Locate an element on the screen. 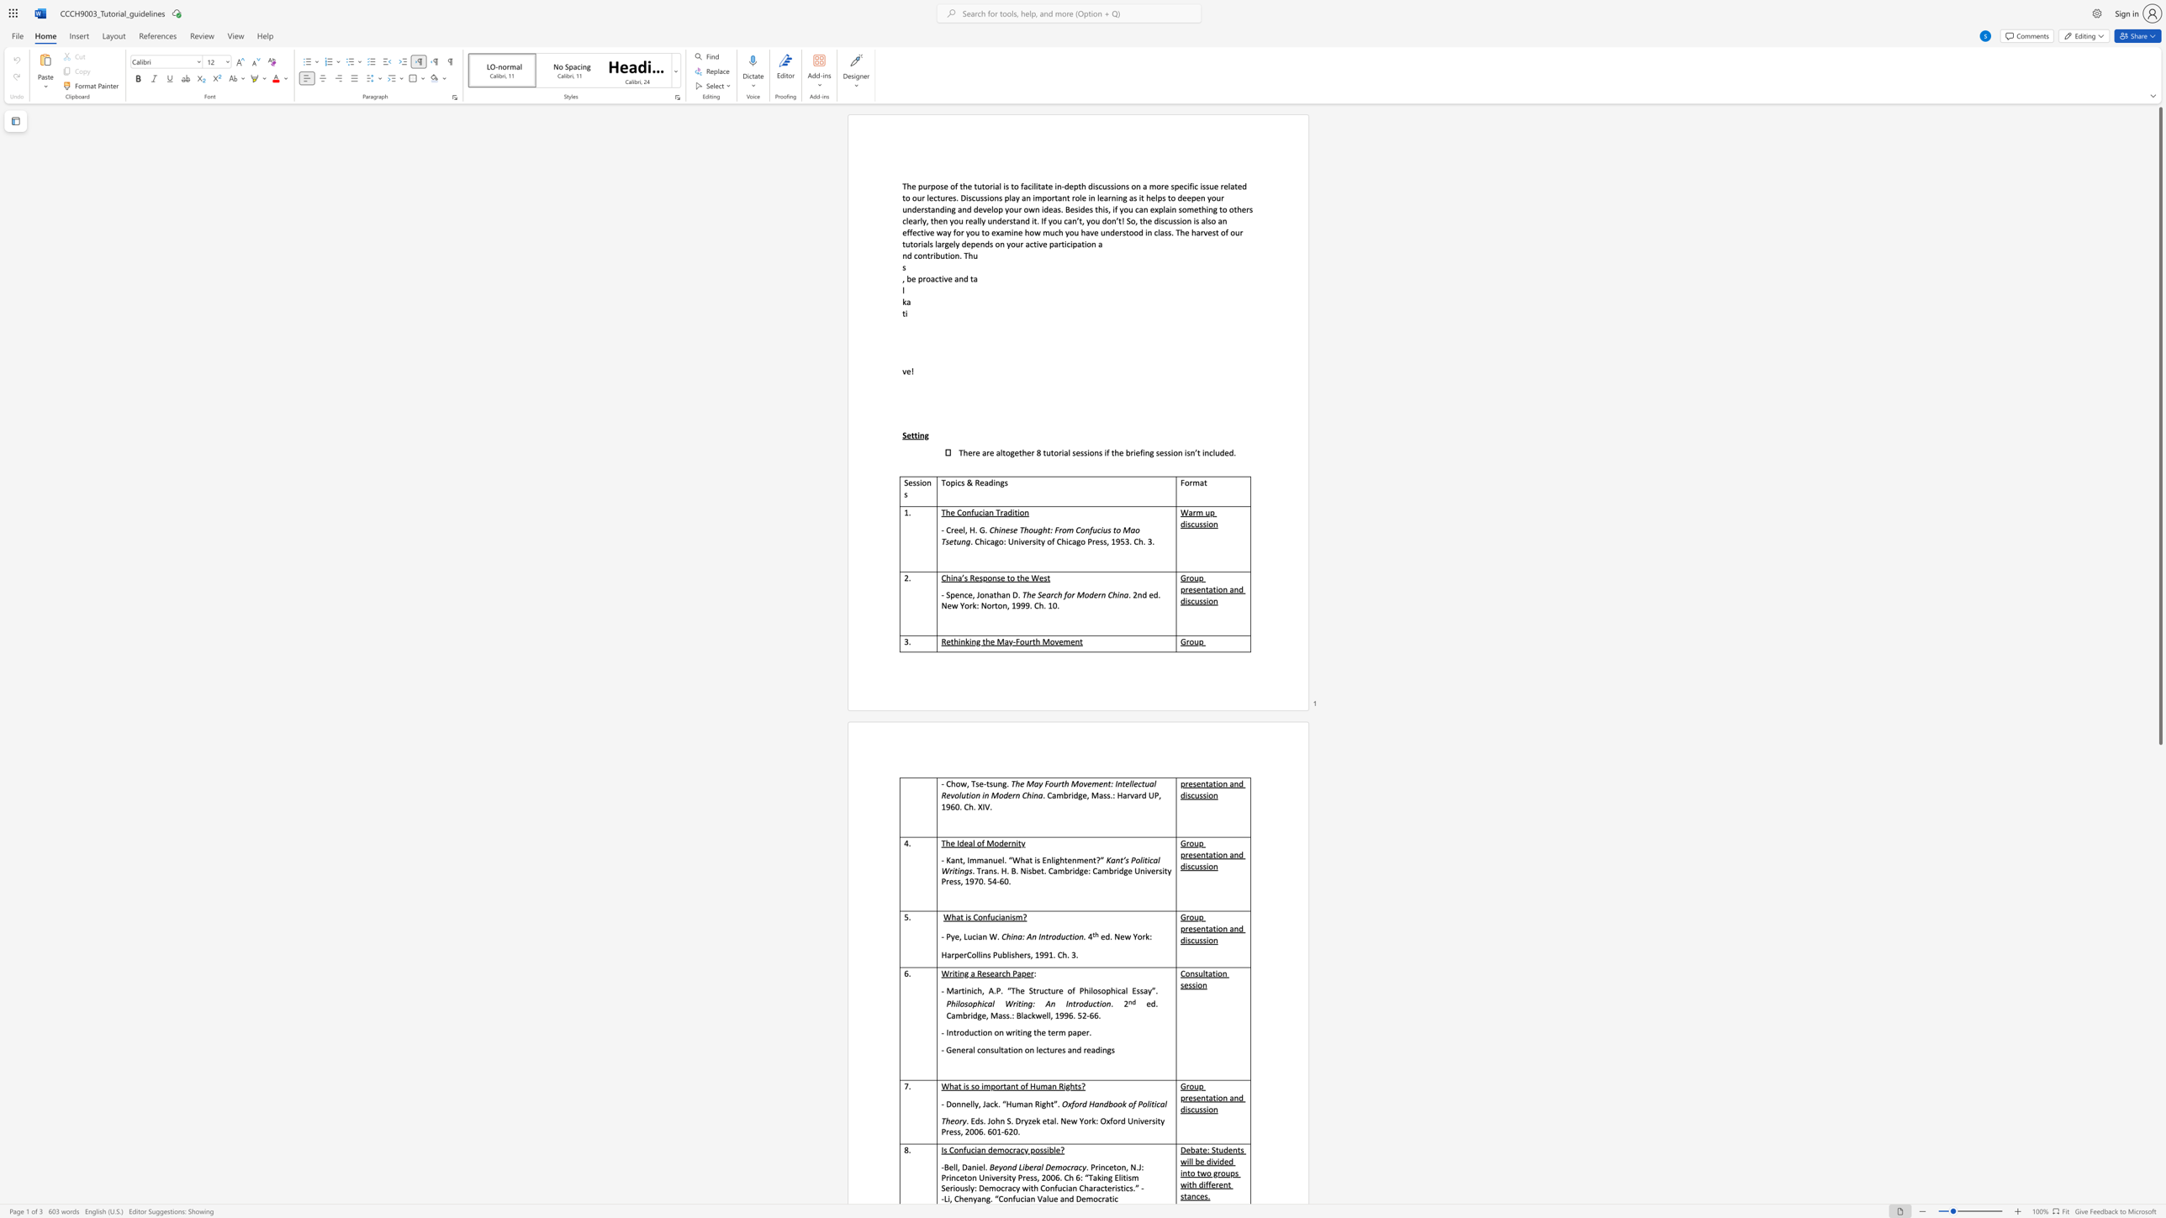  the scrollbar to move the page downward is located at coordinates (2159, 987).